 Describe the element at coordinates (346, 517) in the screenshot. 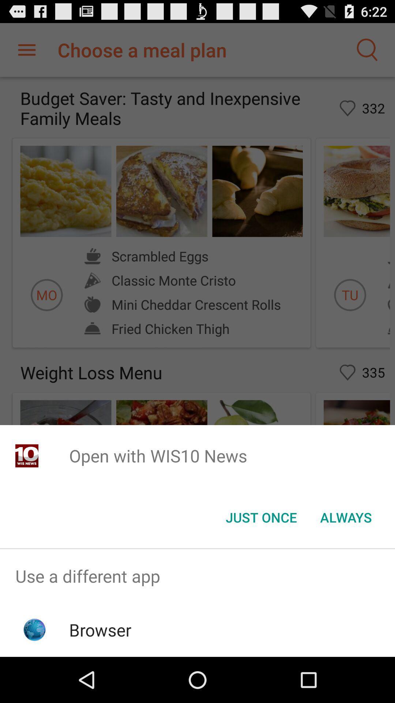

I see `the item next to just once button` at that location.